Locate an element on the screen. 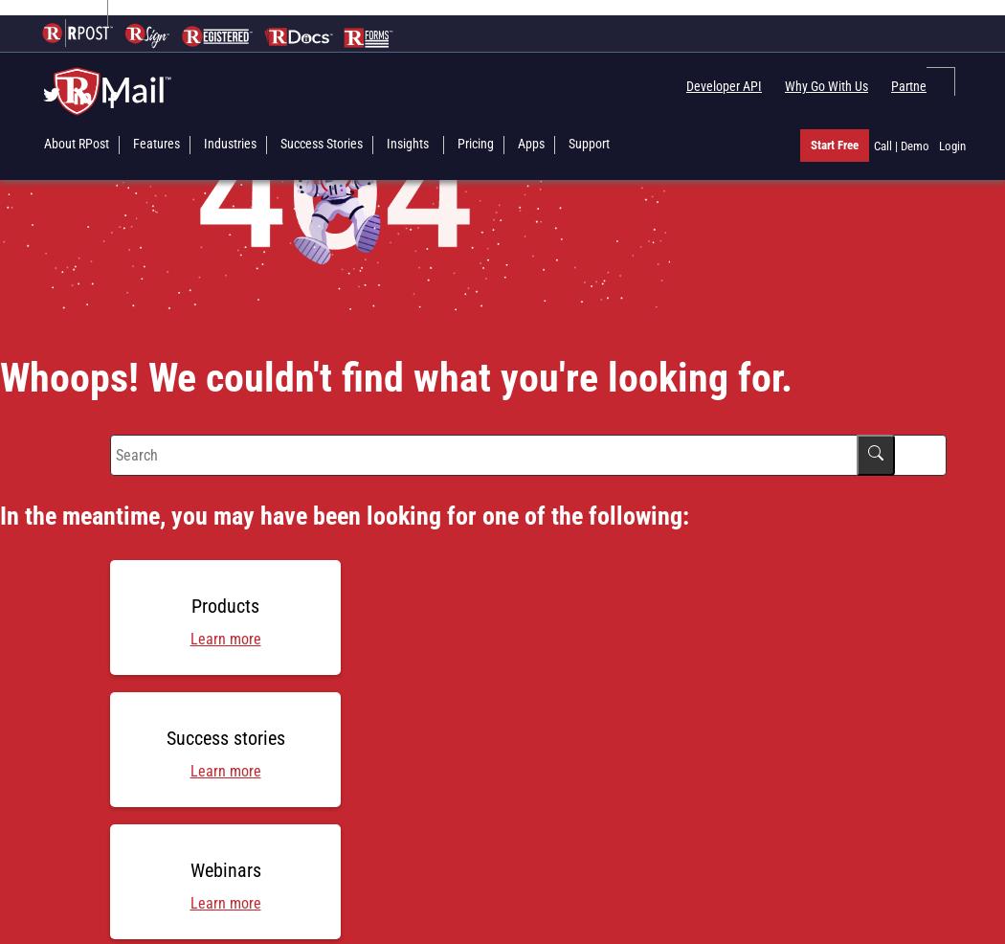 The height and width of the screenshot is (944, 1005). 'Pricing' is located at coordinates (474, 143).